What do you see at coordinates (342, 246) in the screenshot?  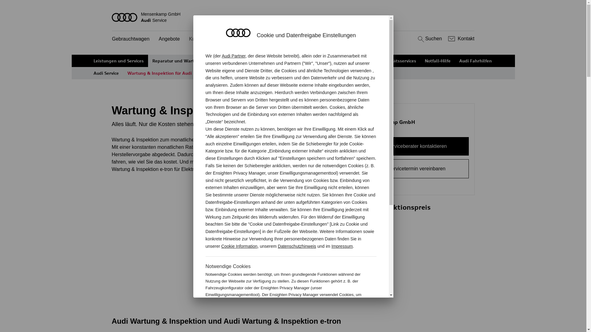 I see `'Impressum'` at bounding box center [342, 246].